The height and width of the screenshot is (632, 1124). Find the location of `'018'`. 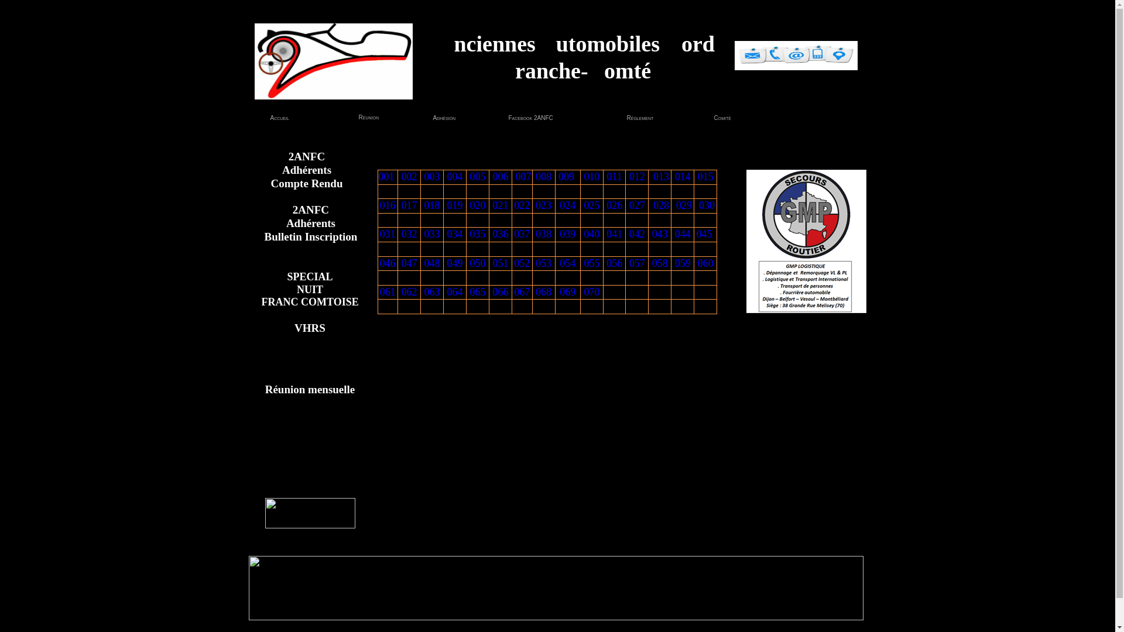

'018' is located at coordinates (431, 205).